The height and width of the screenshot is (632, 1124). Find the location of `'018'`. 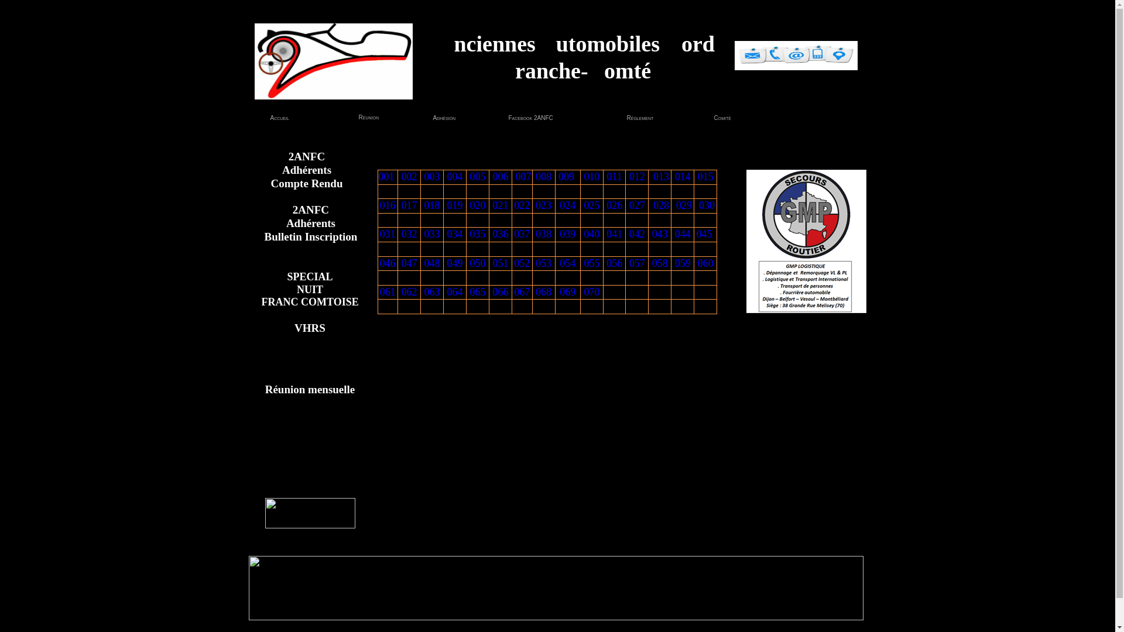

'018' is located at coordinates (431, 205).